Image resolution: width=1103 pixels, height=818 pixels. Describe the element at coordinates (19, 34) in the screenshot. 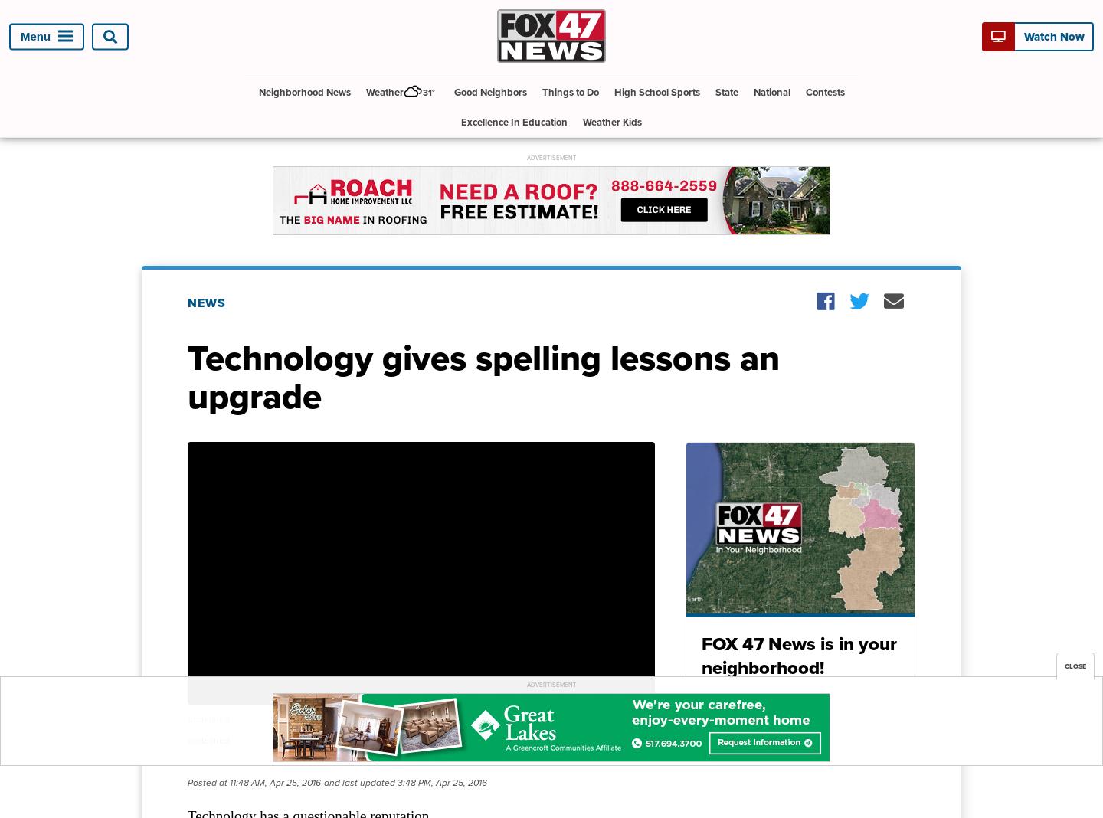

I see `'Menu'` at that location.